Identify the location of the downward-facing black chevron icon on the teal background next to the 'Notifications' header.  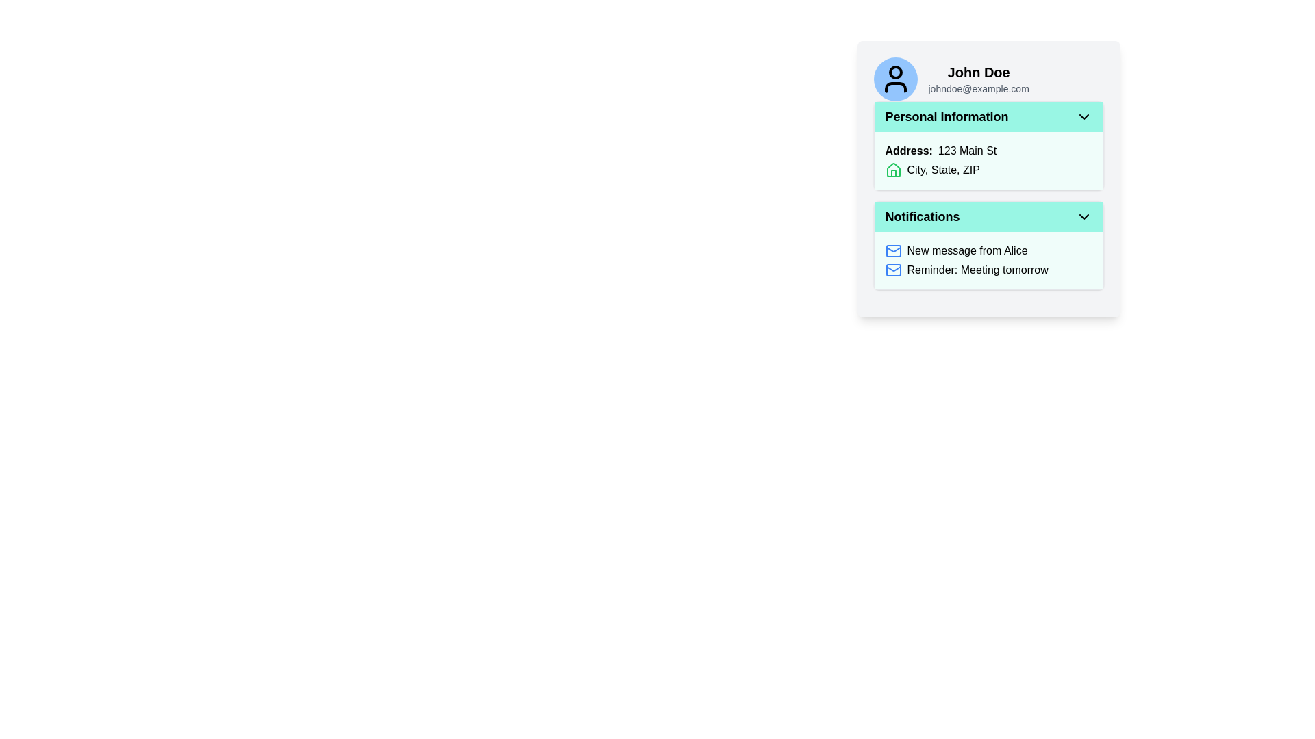
(1083, 216).